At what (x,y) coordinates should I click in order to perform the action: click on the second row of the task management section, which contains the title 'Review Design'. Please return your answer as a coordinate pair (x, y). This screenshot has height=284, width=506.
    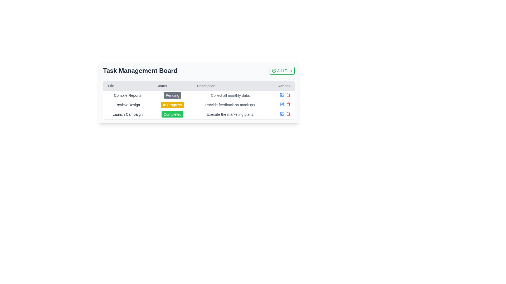
    Looking at the image, I should click on (198, 105).